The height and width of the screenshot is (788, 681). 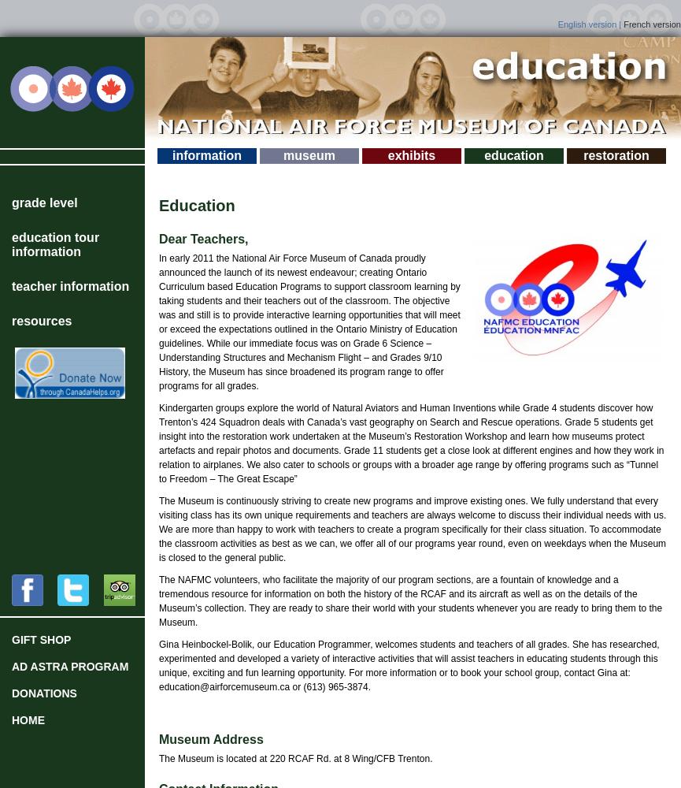 What do you see at coordinates (44, 203) in the screenshot?
I see `'Grade Level'` at bounding box center [44, 203].